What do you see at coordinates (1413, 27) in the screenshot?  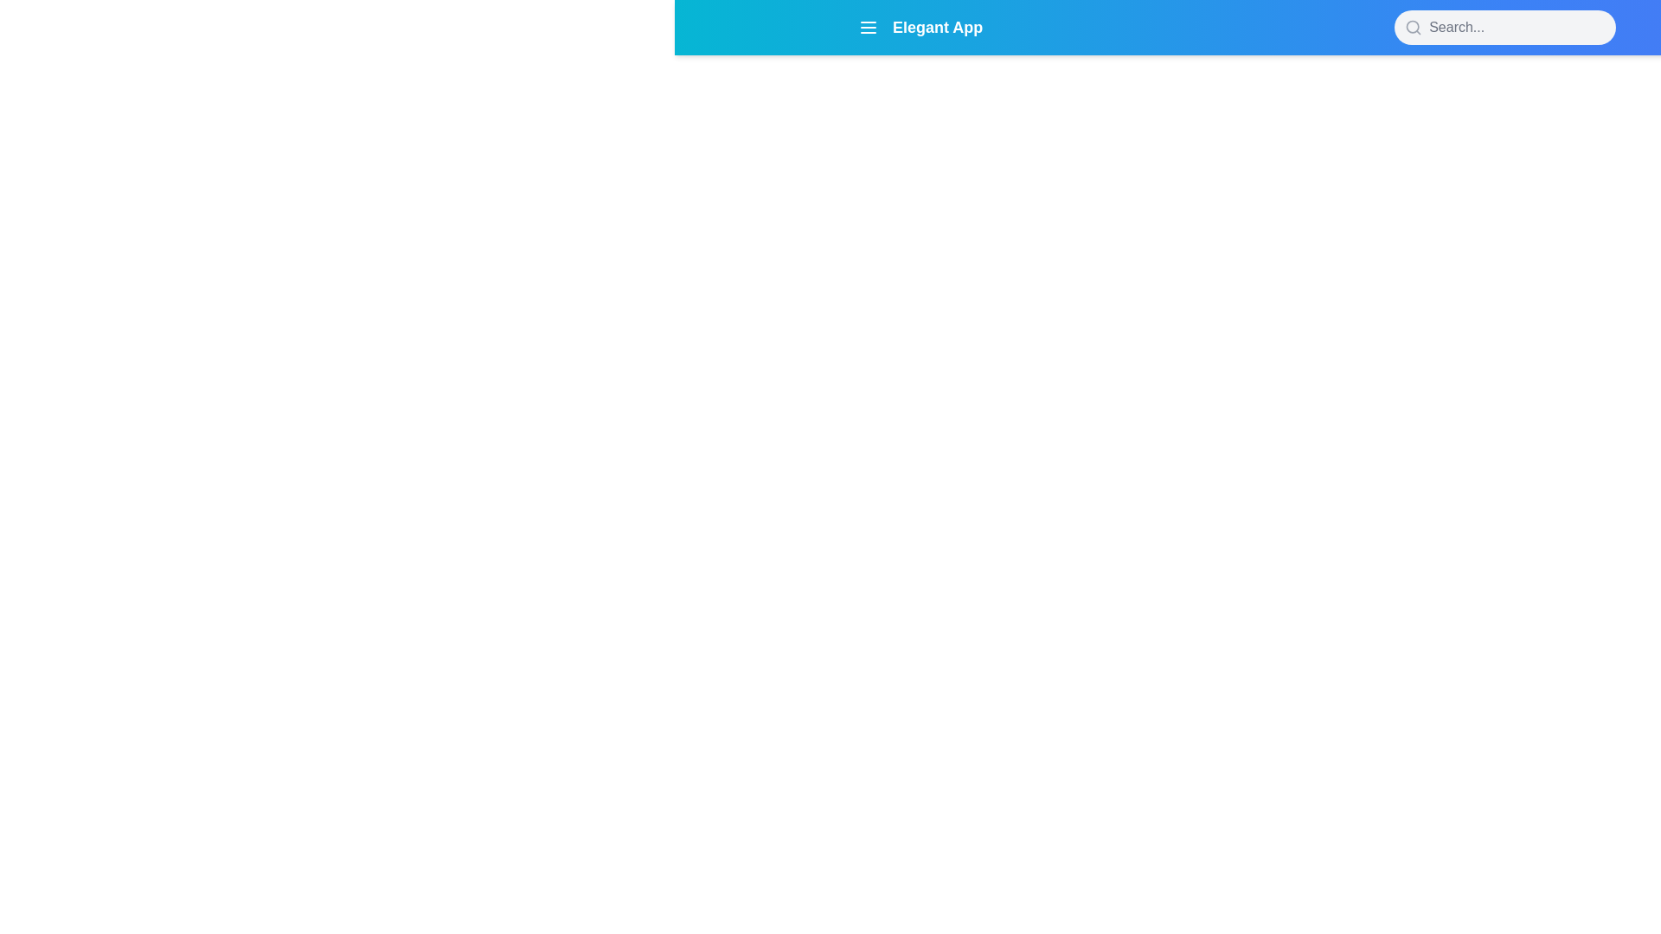 I see `the decorative Circle element that is part of the search icon located in the top-right corner of the interface` at bounding box center [1413, 27].